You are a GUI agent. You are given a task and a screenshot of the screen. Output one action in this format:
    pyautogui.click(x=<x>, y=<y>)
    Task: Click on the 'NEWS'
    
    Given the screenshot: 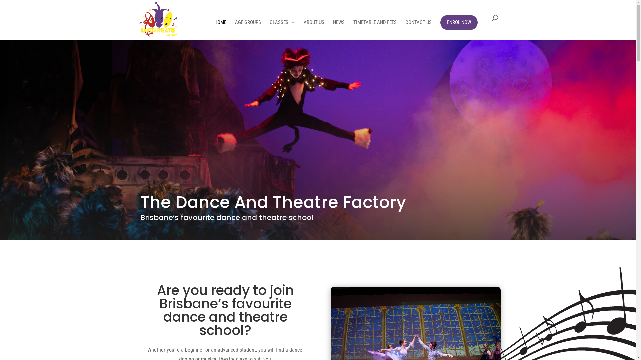 What is the action you would take?
    pyautogui.click(x=338, y=29)
    